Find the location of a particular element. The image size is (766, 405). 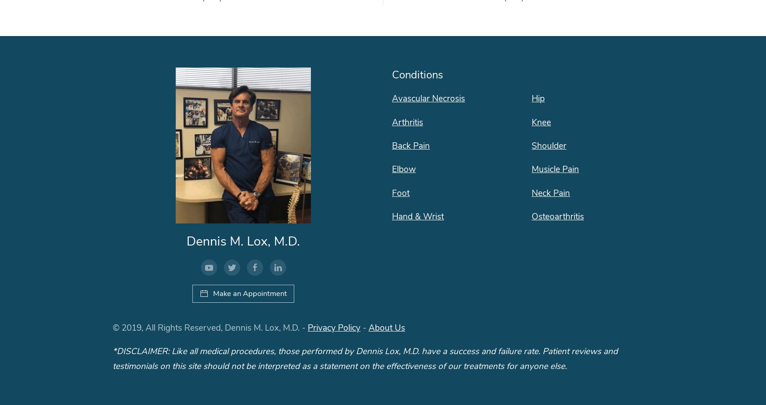

'Elbow' is located at coordinates (404, 168).